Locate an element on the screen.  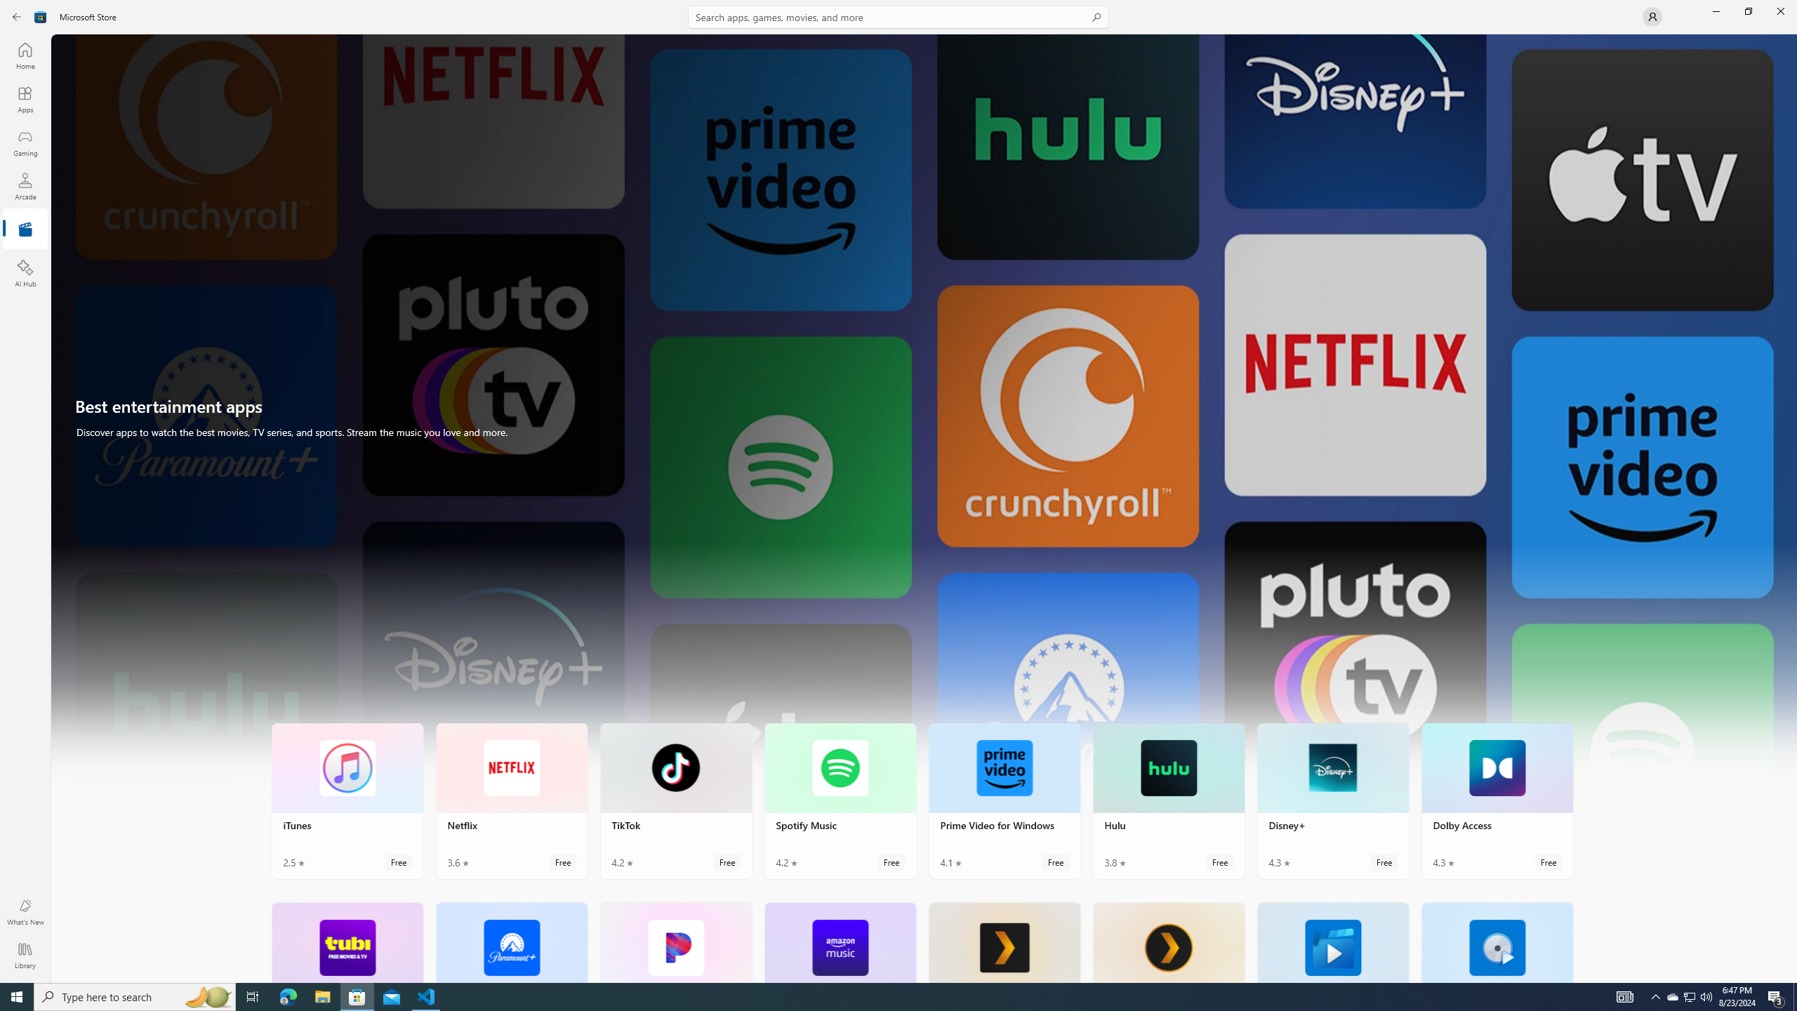
'Class: Image' is located at coordinates (40, 15).